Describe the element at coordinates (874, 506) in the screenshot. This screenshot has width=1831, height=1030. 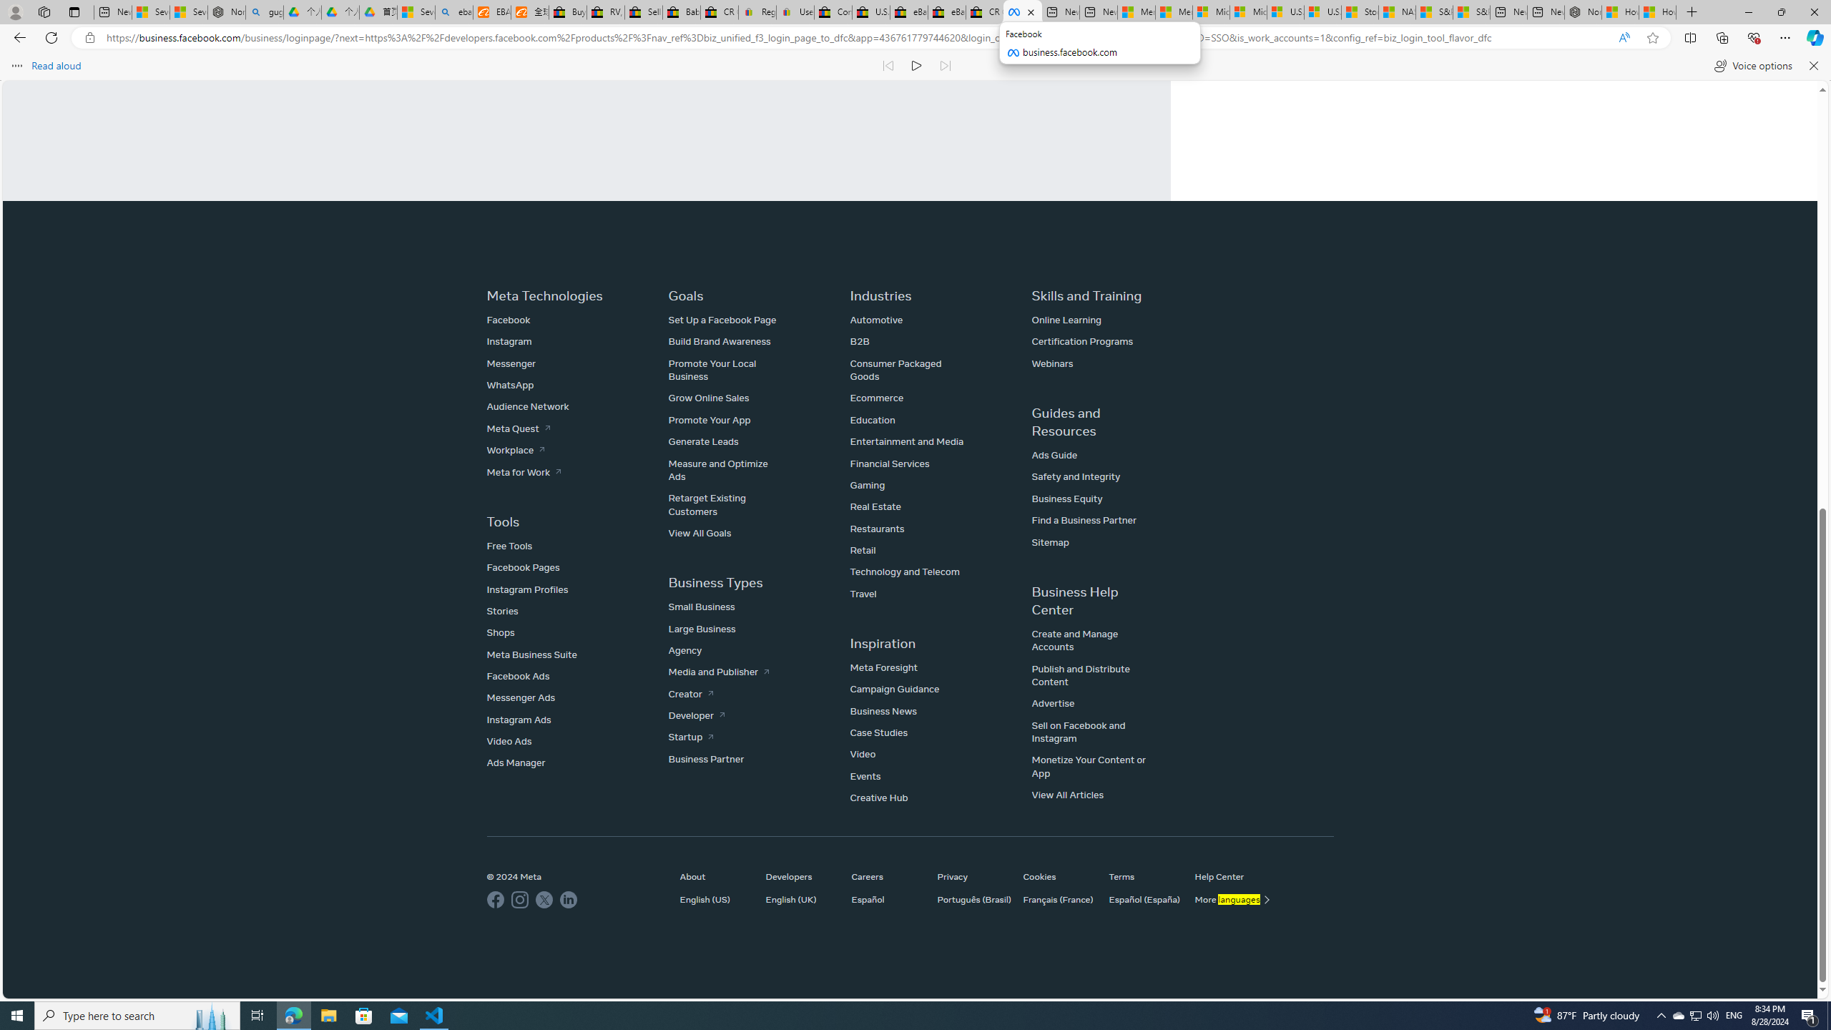
I see `'Real Estate'` at that location.